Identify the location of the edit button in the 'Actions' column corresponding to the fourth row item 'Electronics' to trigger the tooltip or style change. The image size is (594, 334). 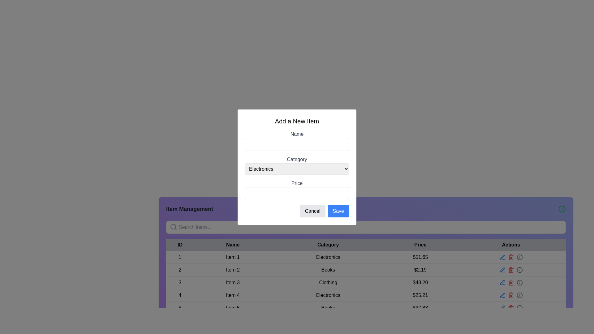
(502, 257).